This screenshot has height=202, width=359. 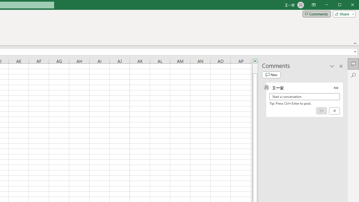 What do you see at coordinates (353, 75) in the screenshot?
I see `'Search'` at bounding box center [353, 75].